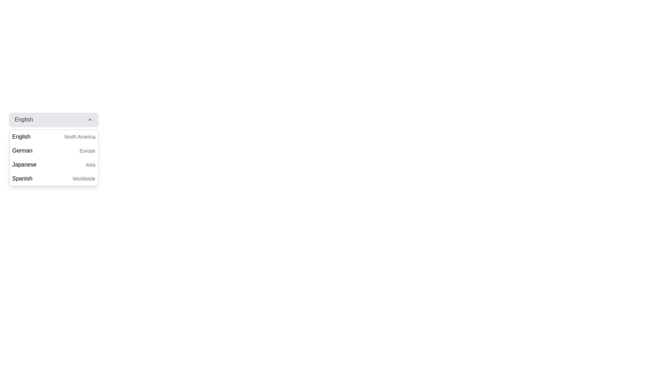  I want to click on the 'Europe' label, which is displayed in a smaller gray font and is located adjacent to the 'German' text in the second row of a dropdown list, so click(87, 150).